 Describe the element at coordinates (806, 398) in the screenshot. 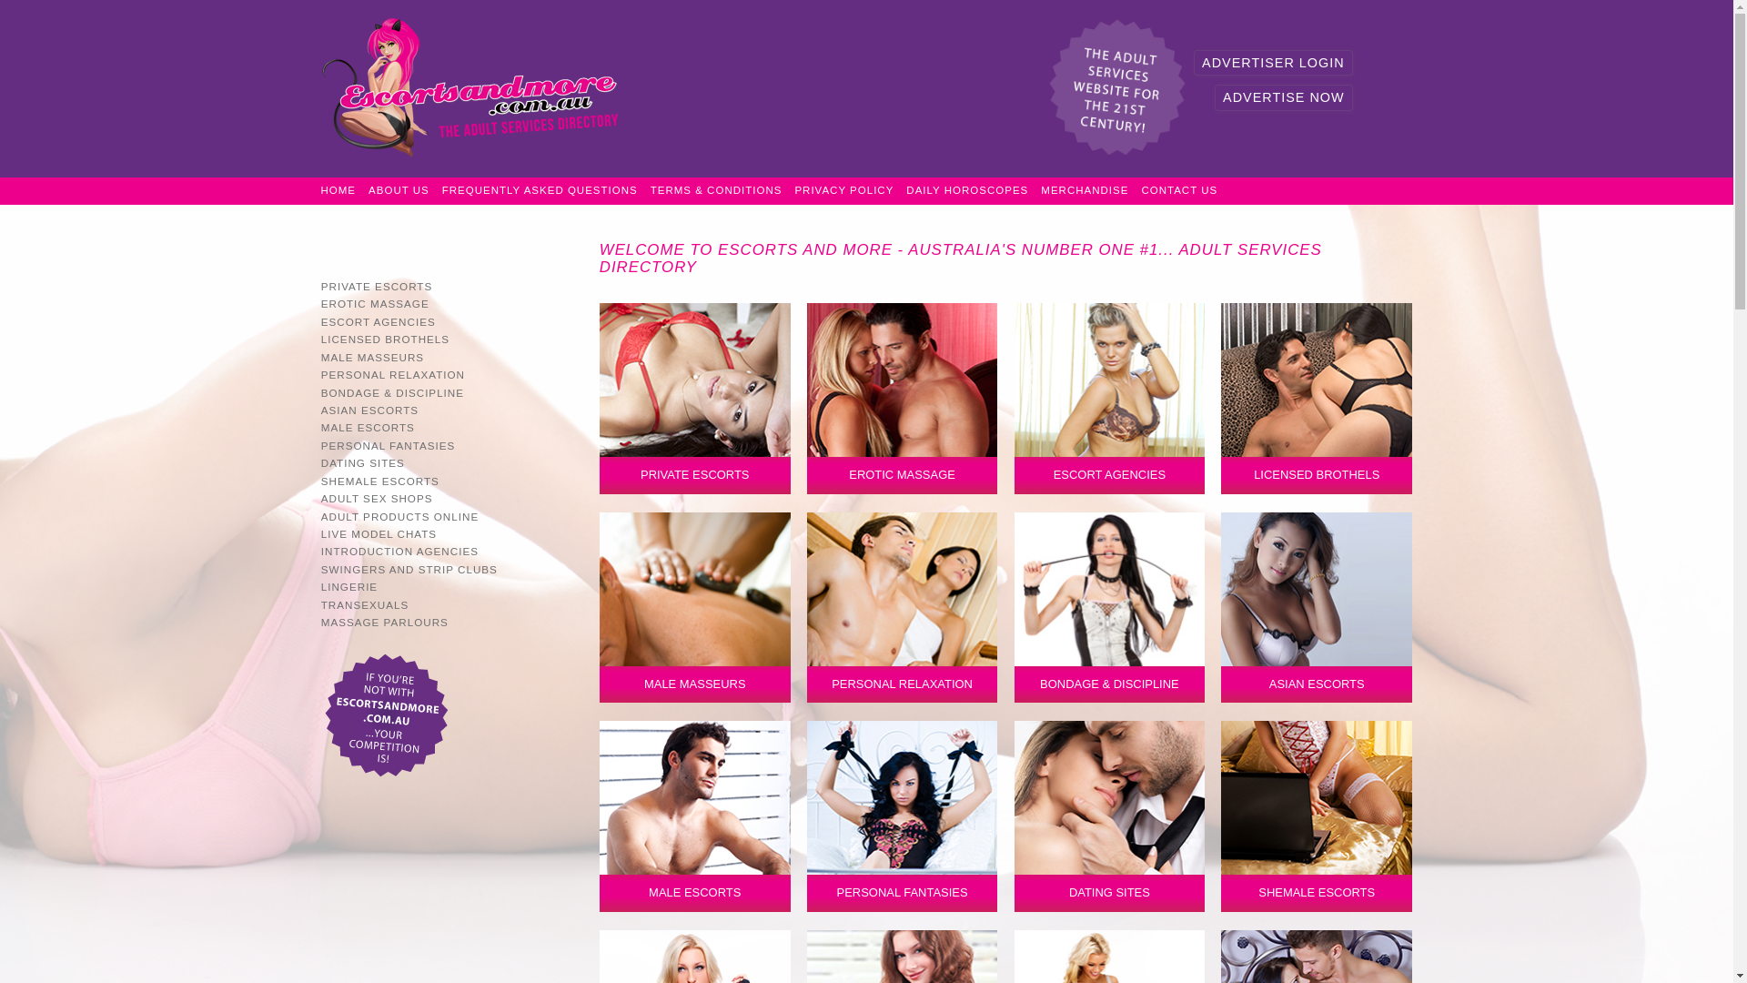

I see `'EROTIC MASSAGE'` at that location.